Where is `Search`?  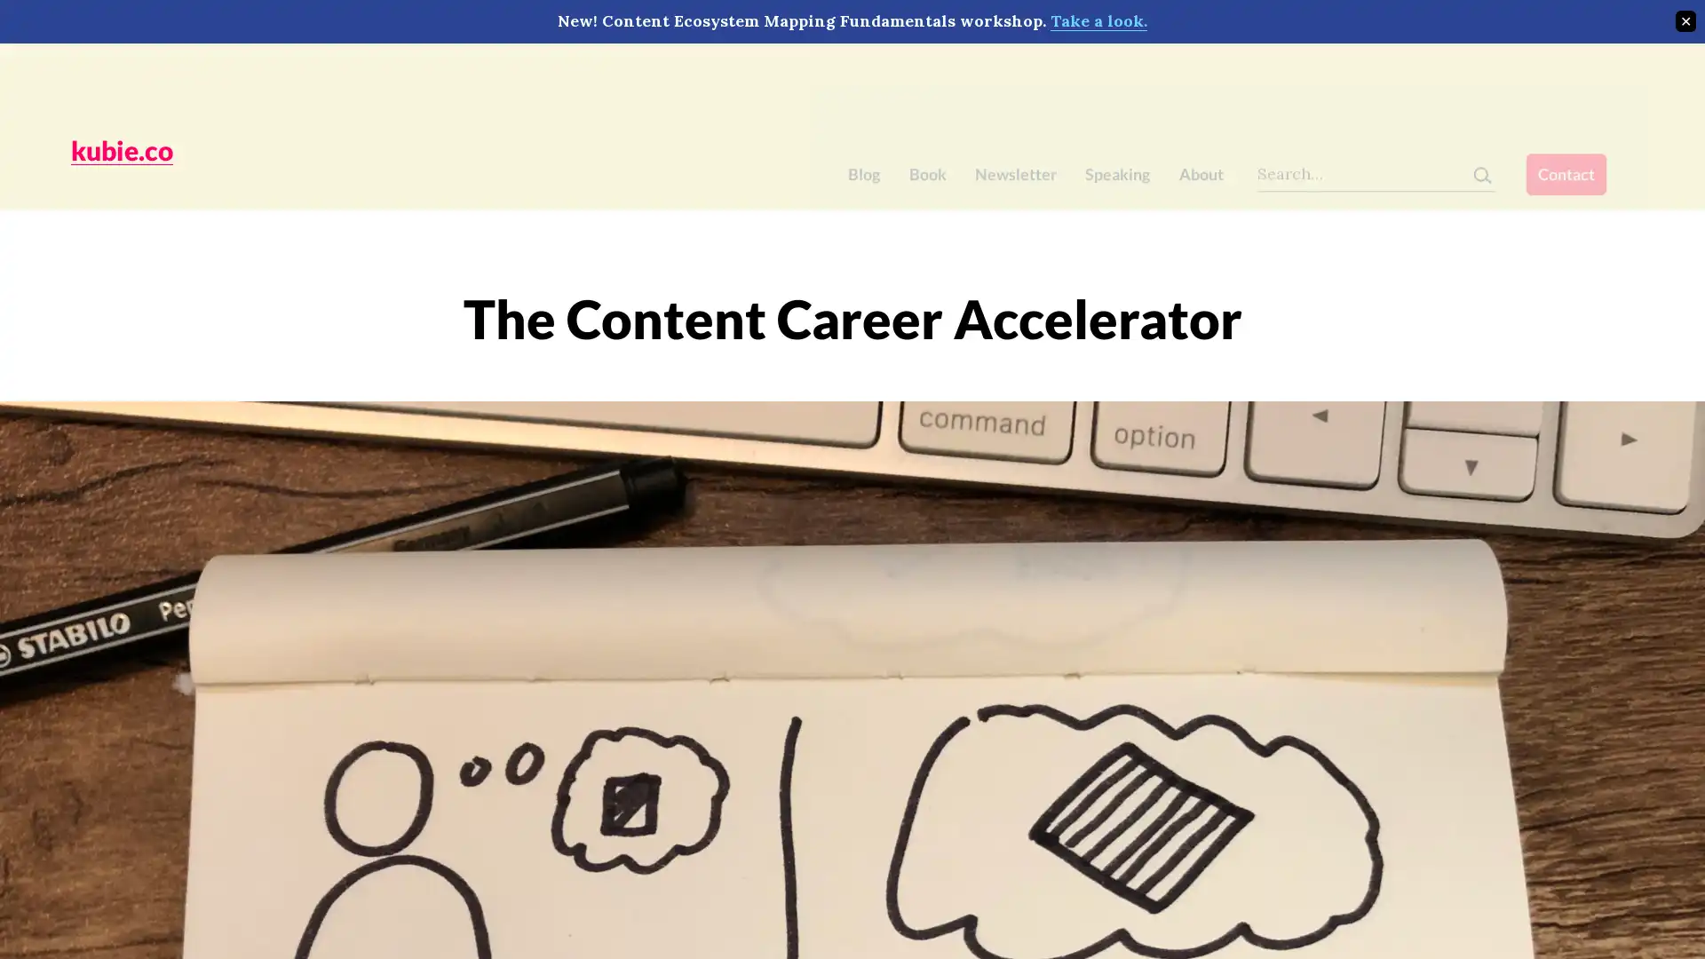 Search is located at coordinates (1508, 78).